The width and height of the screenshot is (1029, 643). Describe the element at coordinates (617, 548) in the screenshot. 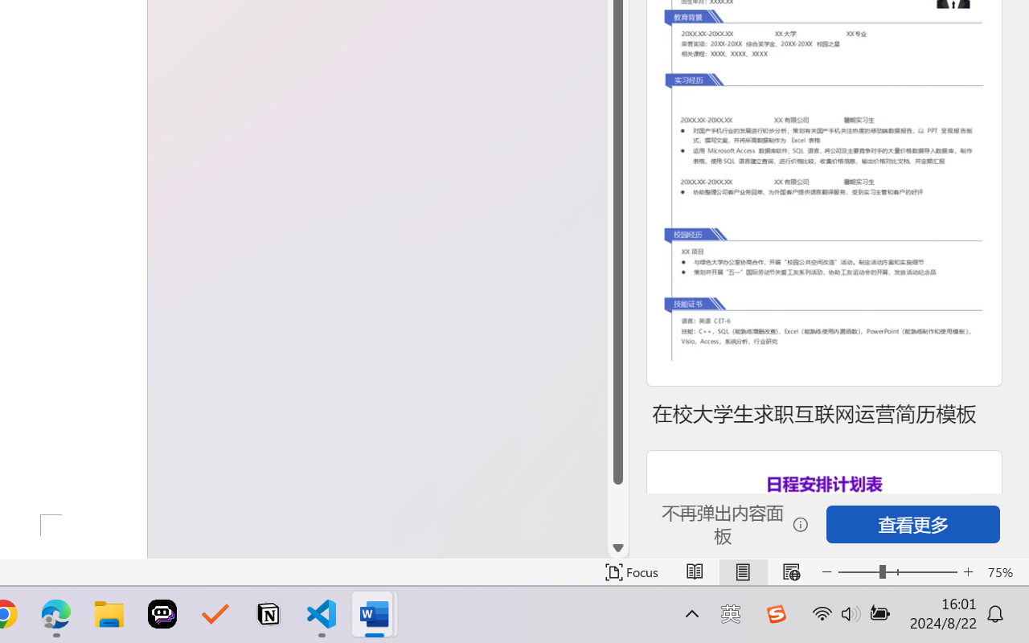

I see `'Line down'` at that location.